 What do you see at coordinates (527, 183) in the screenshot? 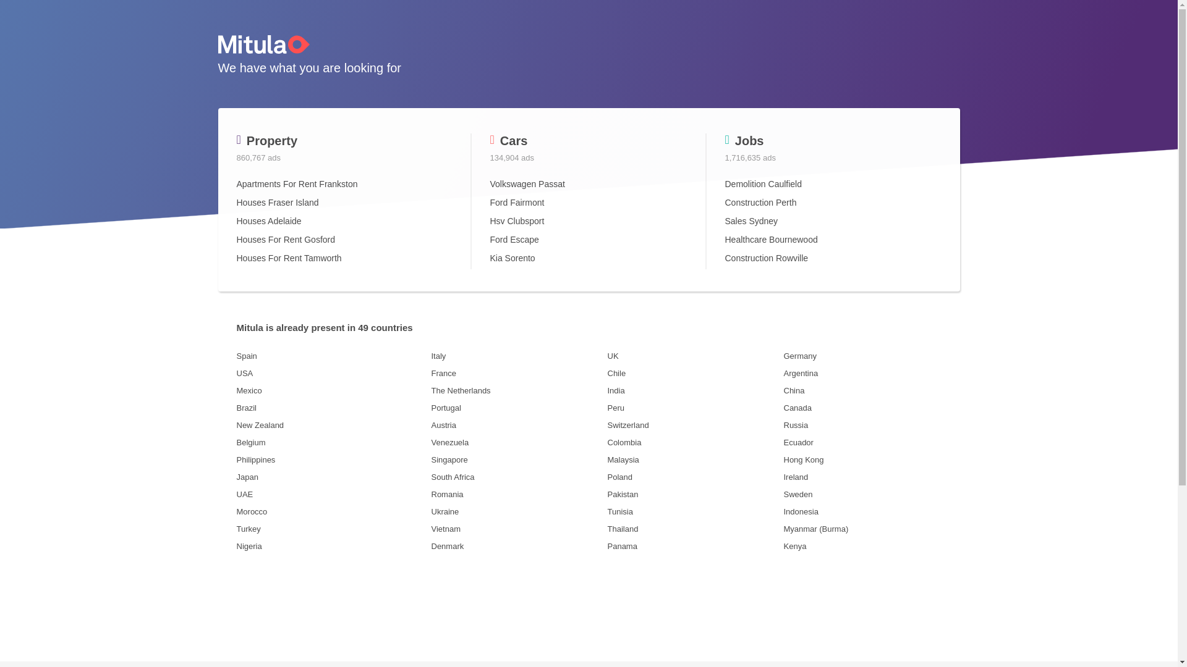
I see `'Volkswagen Passat'` at bounding box center [527, 183].